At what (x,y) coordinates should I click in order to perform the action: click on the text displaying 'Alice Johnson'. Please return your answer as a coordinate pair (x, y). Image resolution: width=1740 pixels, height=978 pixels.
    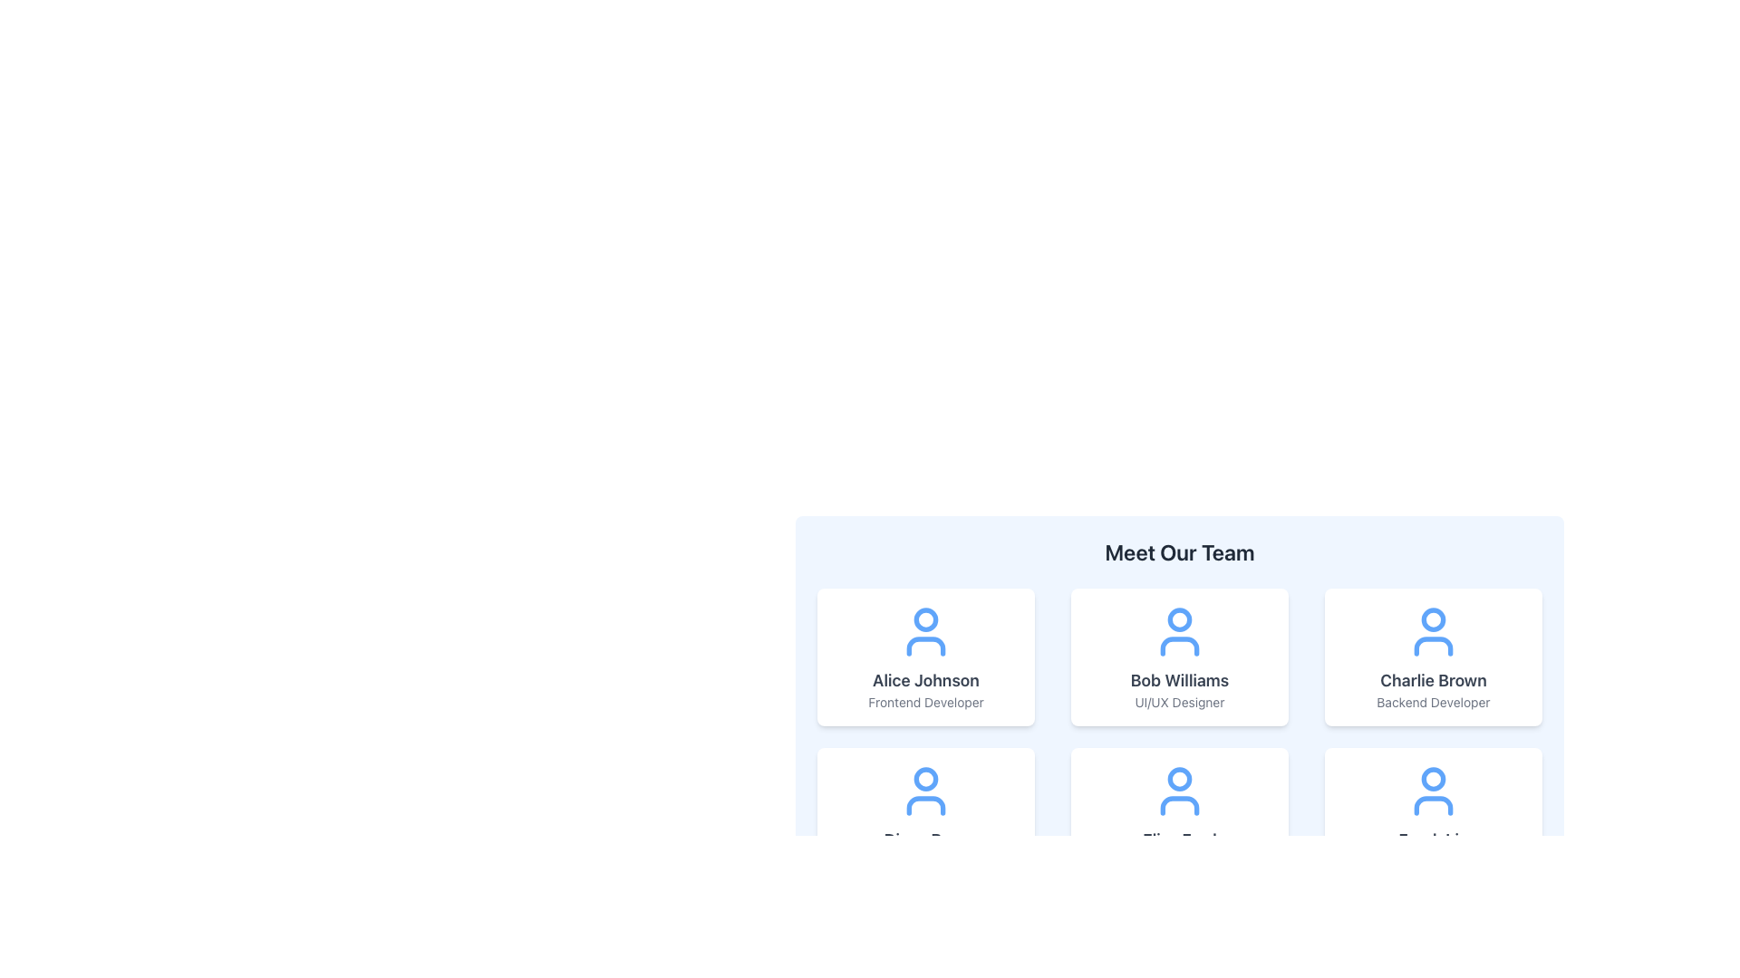
    Looking at the image, I should click on (926, 681).